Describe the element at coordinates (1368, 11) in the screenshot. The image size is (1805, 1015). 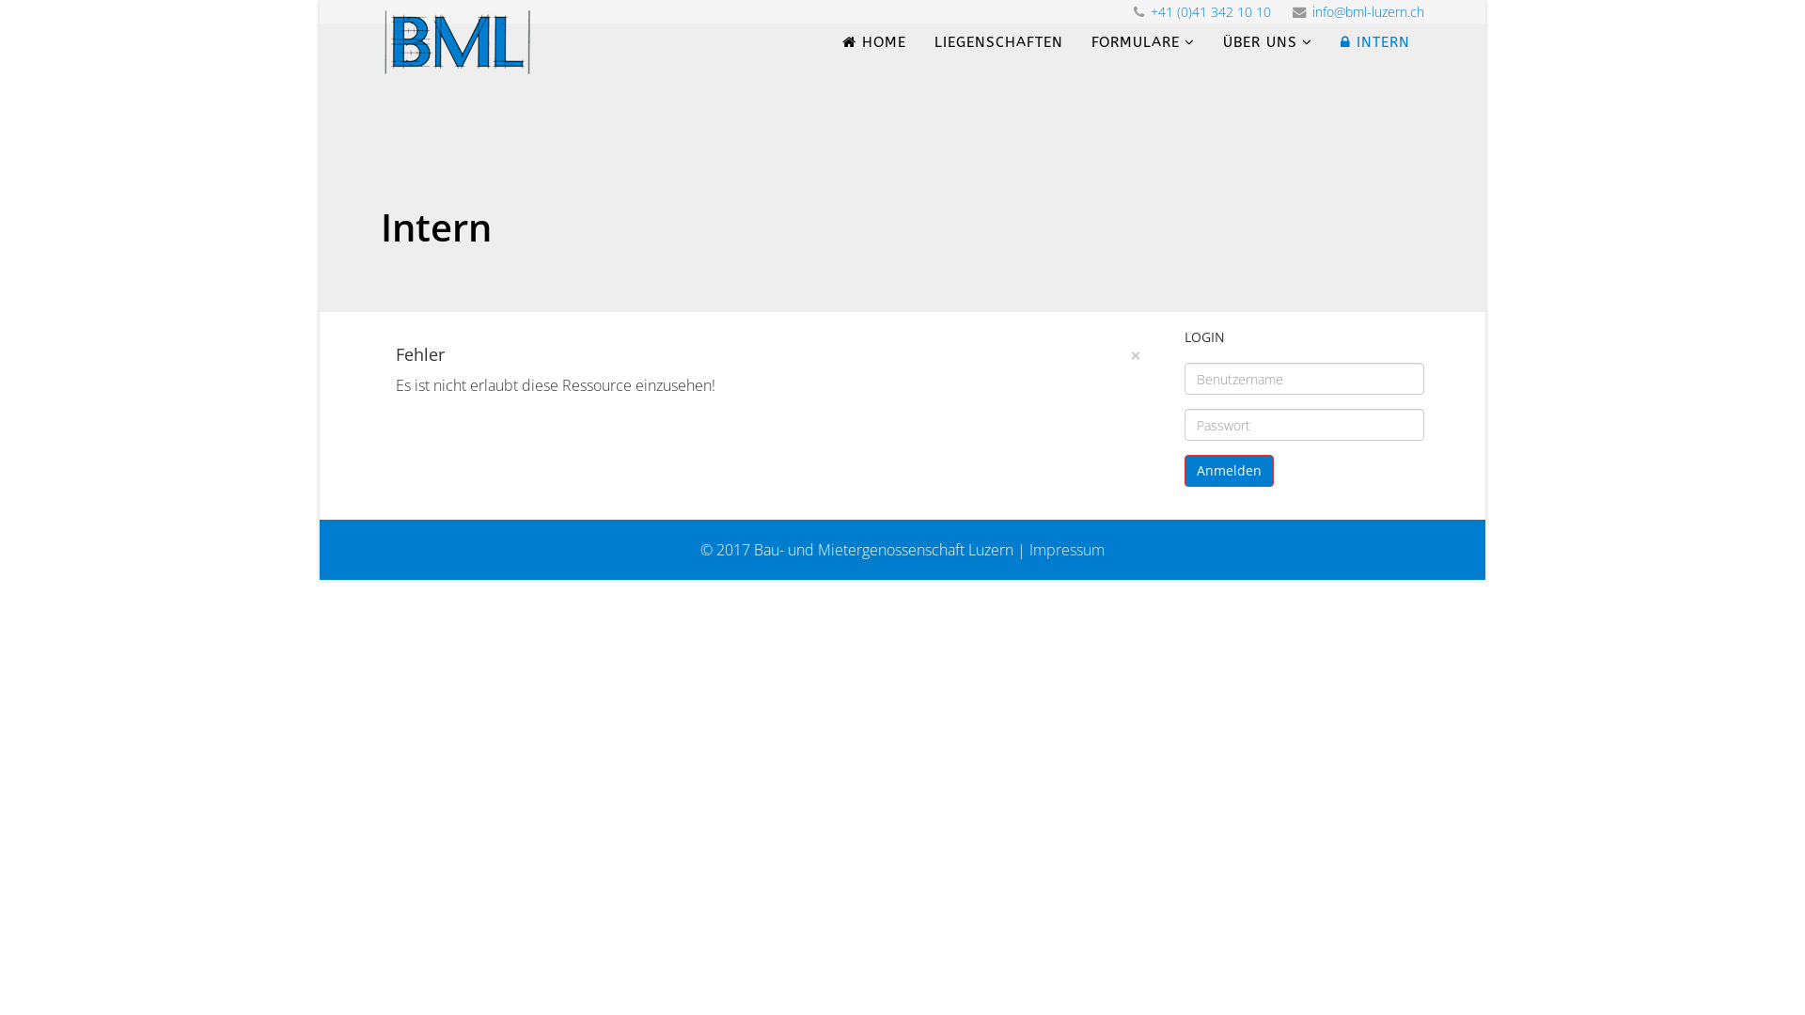
I see `'info@bml-luzern.ch'` at that location.